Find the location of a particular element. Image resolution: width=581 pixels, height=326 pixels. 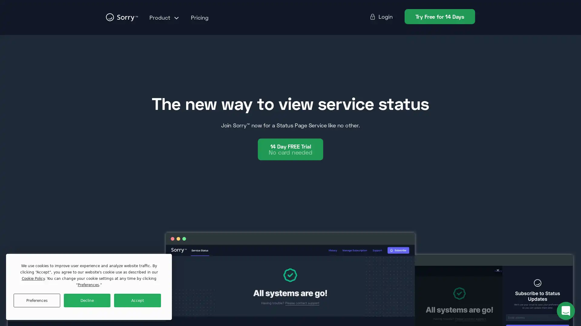

Accept is located at coordinates (137, 300).